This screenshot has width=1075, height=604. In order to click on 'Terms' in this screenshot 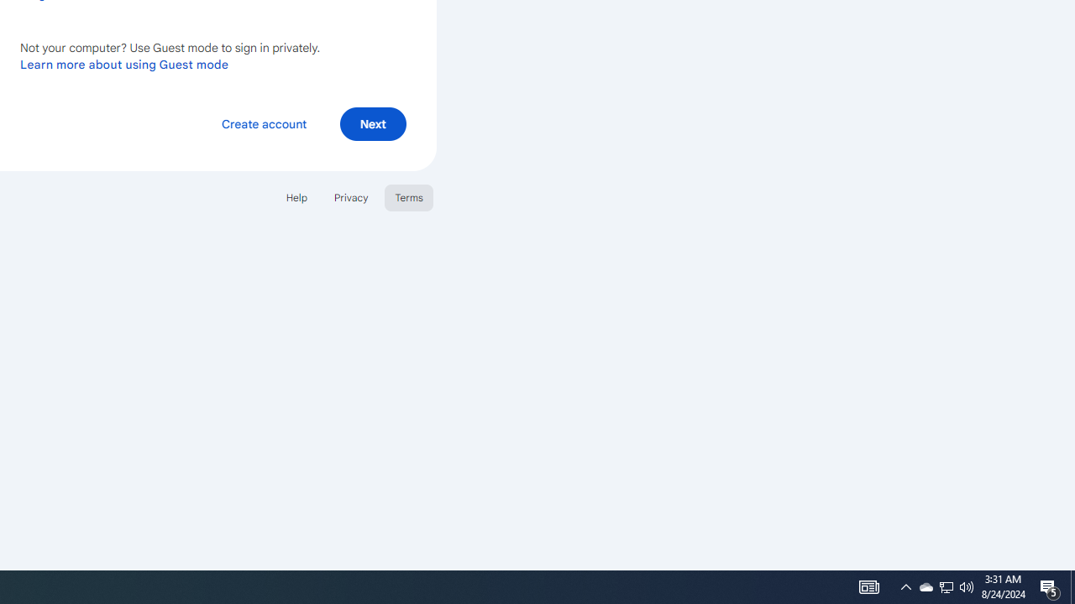, I will do `click(409, 196)`.